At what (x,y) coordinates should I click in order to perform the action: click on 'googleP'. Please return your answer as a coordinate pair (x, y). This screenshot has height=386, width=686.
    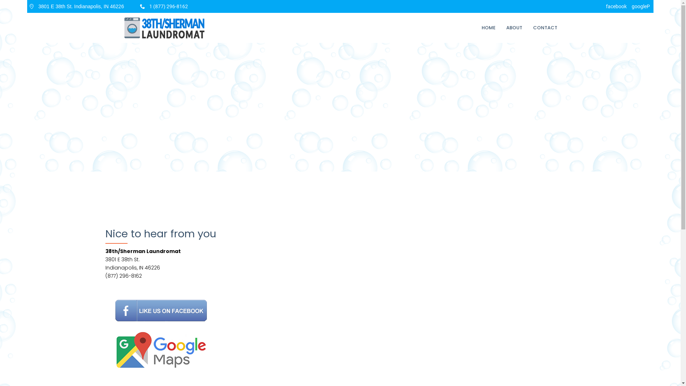
    Looking at the image, I should click on (641, 6).